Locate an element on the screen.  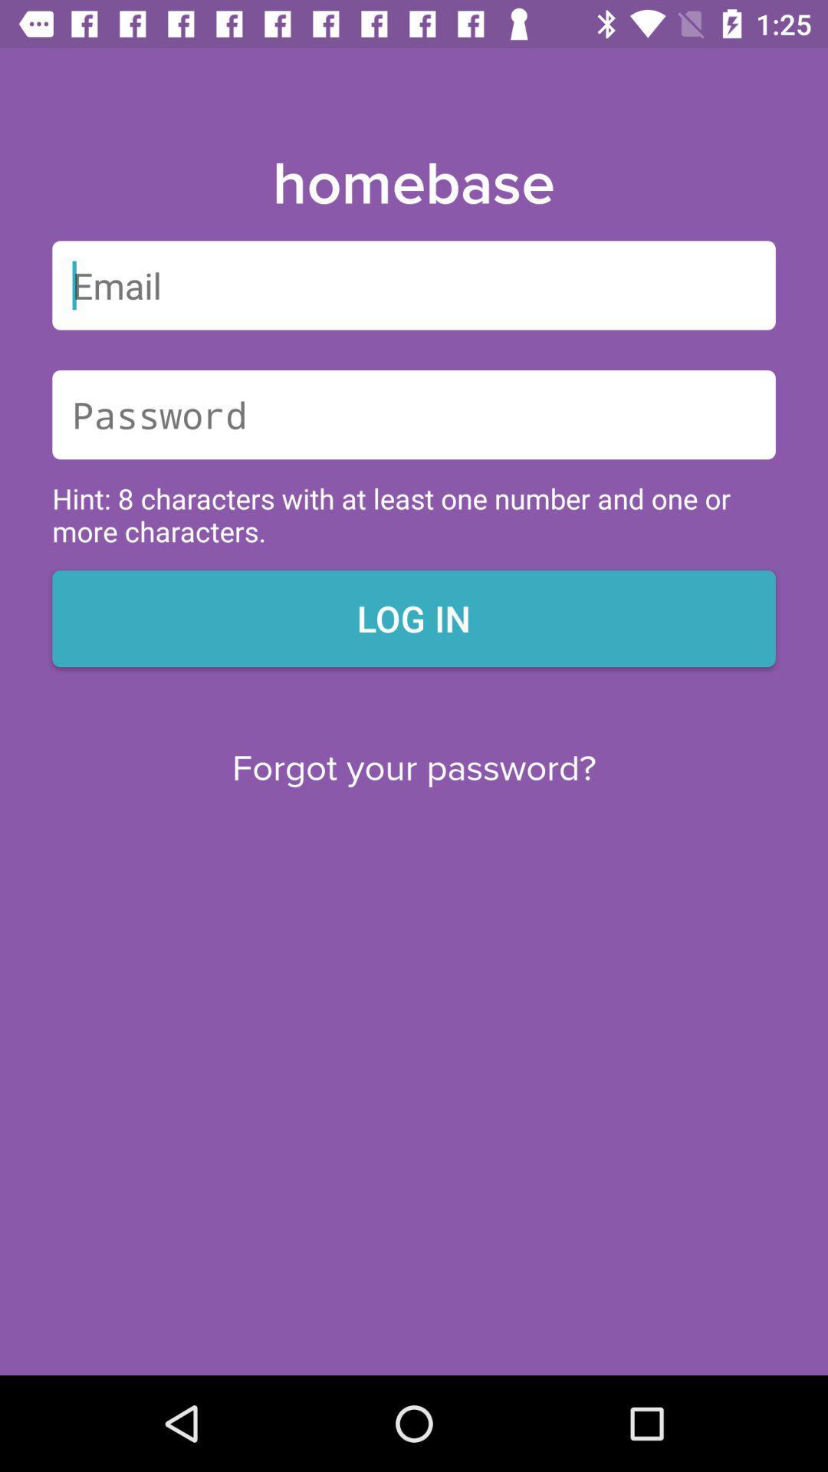
log in icon is located at coordinates (414, 618).